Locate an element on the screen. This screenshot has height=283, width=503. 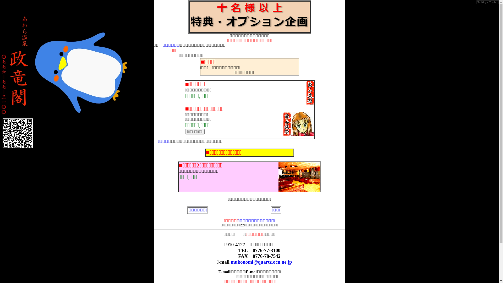
'mukonomi@quartz.ocn.ne.jp' is located at coordinates (231, 262).